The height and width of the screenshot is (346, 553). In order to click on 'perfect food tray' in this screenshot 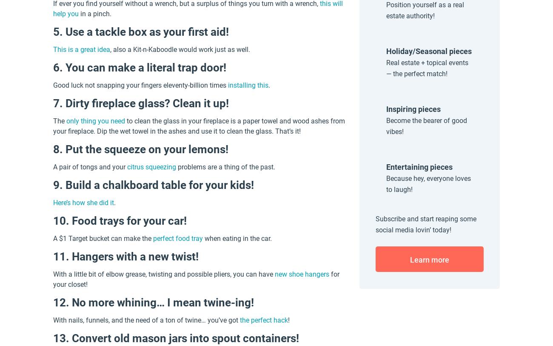, I will do `click(178, 238)`.